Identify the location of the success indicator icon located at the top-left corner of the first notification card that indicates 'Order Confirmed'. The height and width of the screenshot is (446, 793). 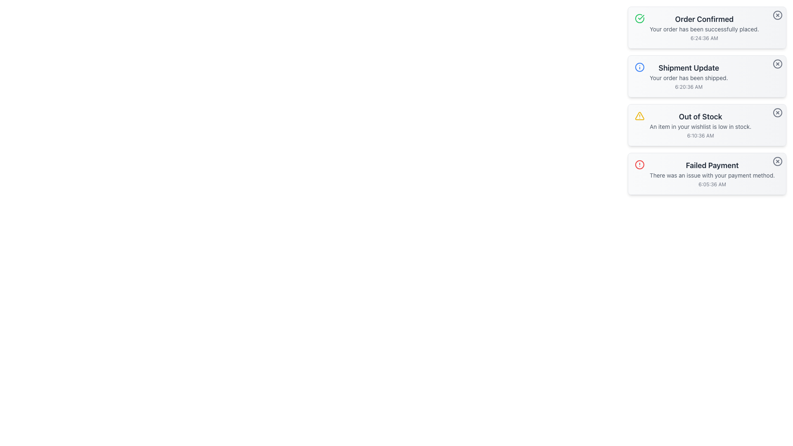
(639, 19).